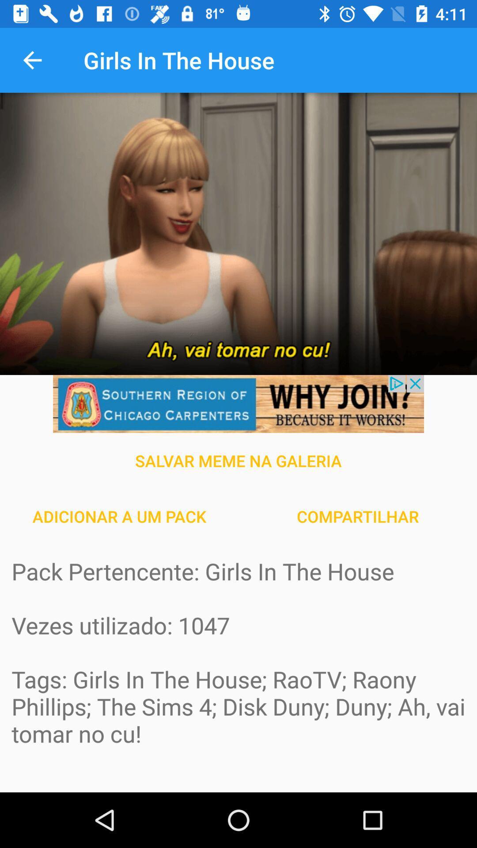 The height and width of the screenshot is (848, 477). Describe the element at coordinates (238, 403) in the screenshot. I see `advertisement banner` at that location.